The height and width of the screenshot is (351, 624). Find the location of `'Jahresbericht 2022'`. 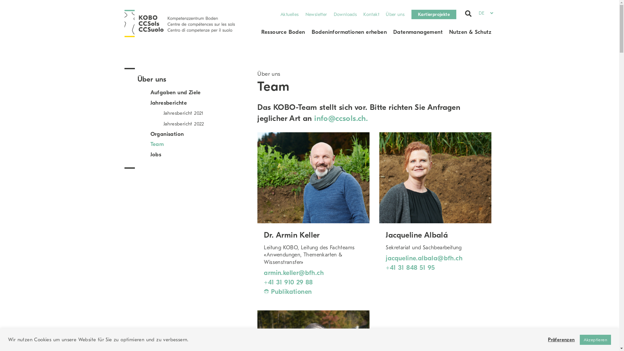

'Jahresbericht 2022' is located at coordinates (183, 124).